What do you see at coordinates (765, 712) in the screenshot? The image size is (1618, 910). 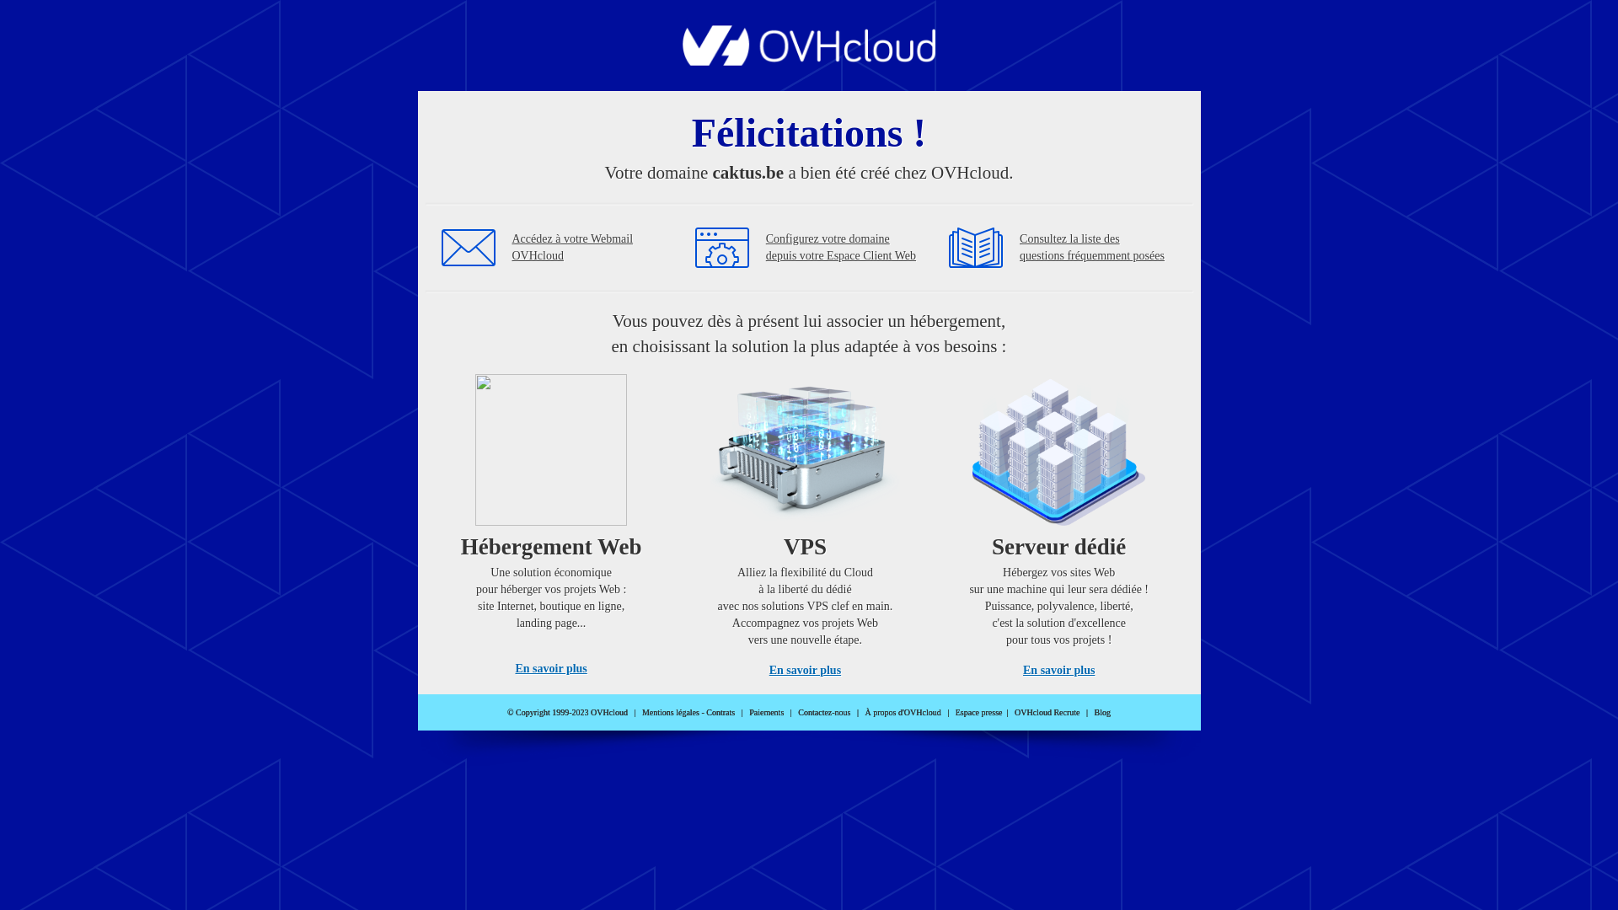 I see `'Paiements'` at bounding box center [765, 712].